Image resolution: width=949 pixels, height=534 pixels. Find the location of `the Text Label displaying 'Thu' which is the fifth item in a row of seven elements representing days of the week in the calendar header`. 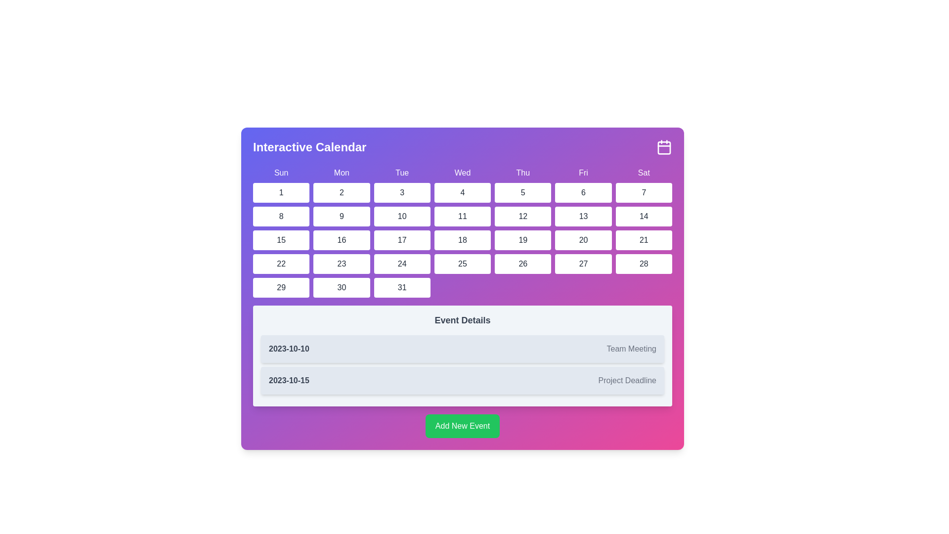

the Text Label displaying 'Thu' which is the fifth item in a row of seven elements representing days of the week in the calendar header is located at coordinates (522, 173).